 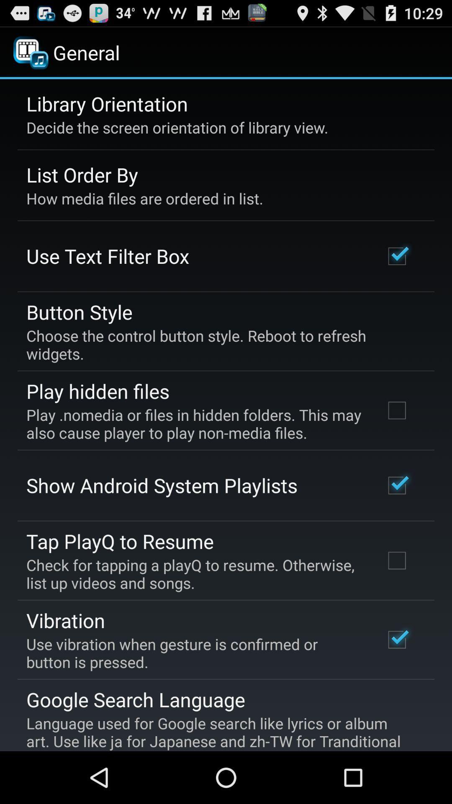 What do you see at coordinates (162, 485) in the screenshot?
I see `the show android system` at bounding box center [162, 485].